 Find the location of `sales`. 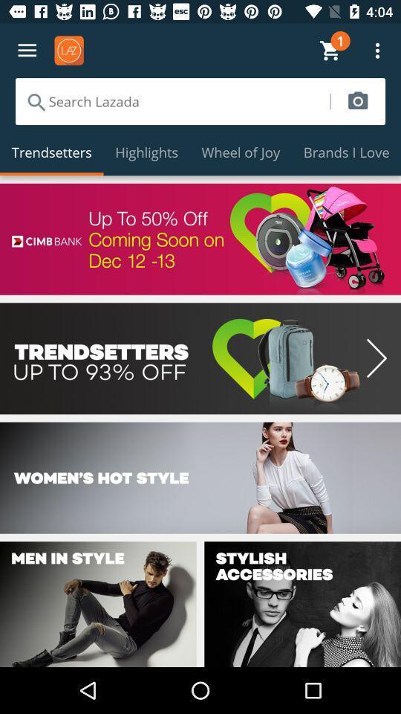

sales is located at coordinates (200, 358).